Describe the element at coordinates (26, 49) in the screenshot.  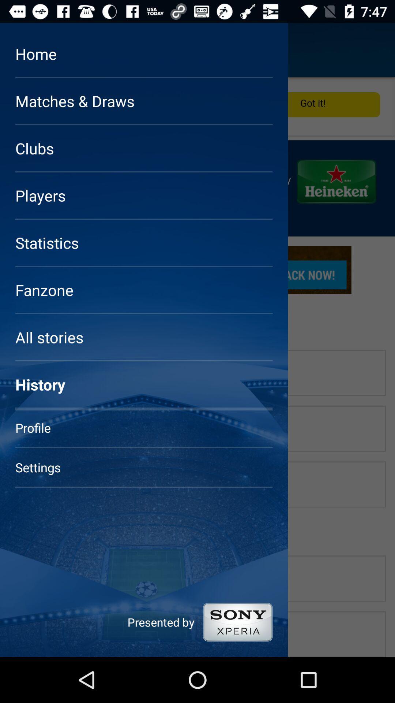
I see `home` at that location.